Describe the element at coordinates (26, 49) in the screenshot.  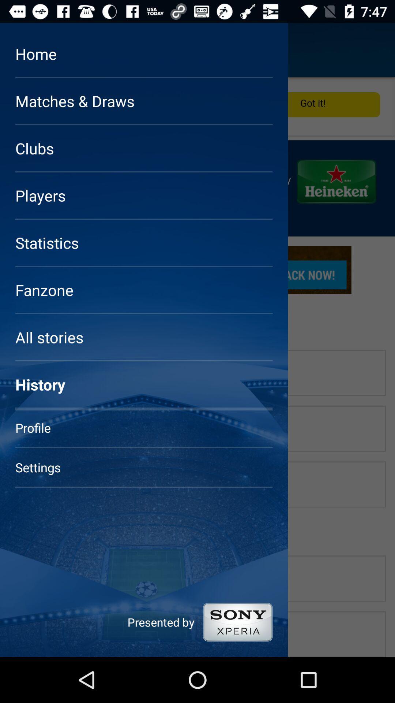
I see `home` at that location.